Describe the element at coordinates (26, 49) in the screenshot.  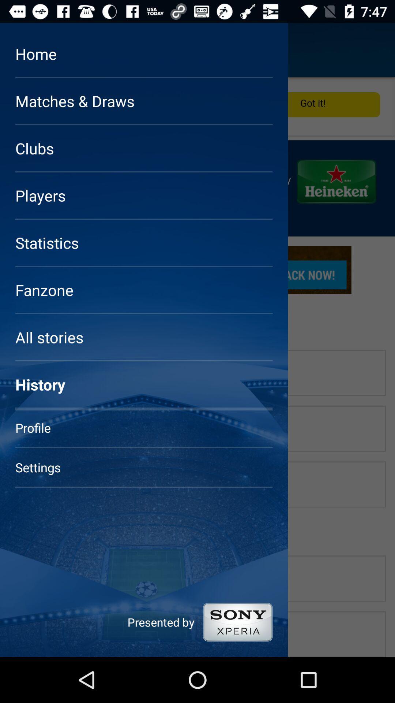
I see `home` at that location.